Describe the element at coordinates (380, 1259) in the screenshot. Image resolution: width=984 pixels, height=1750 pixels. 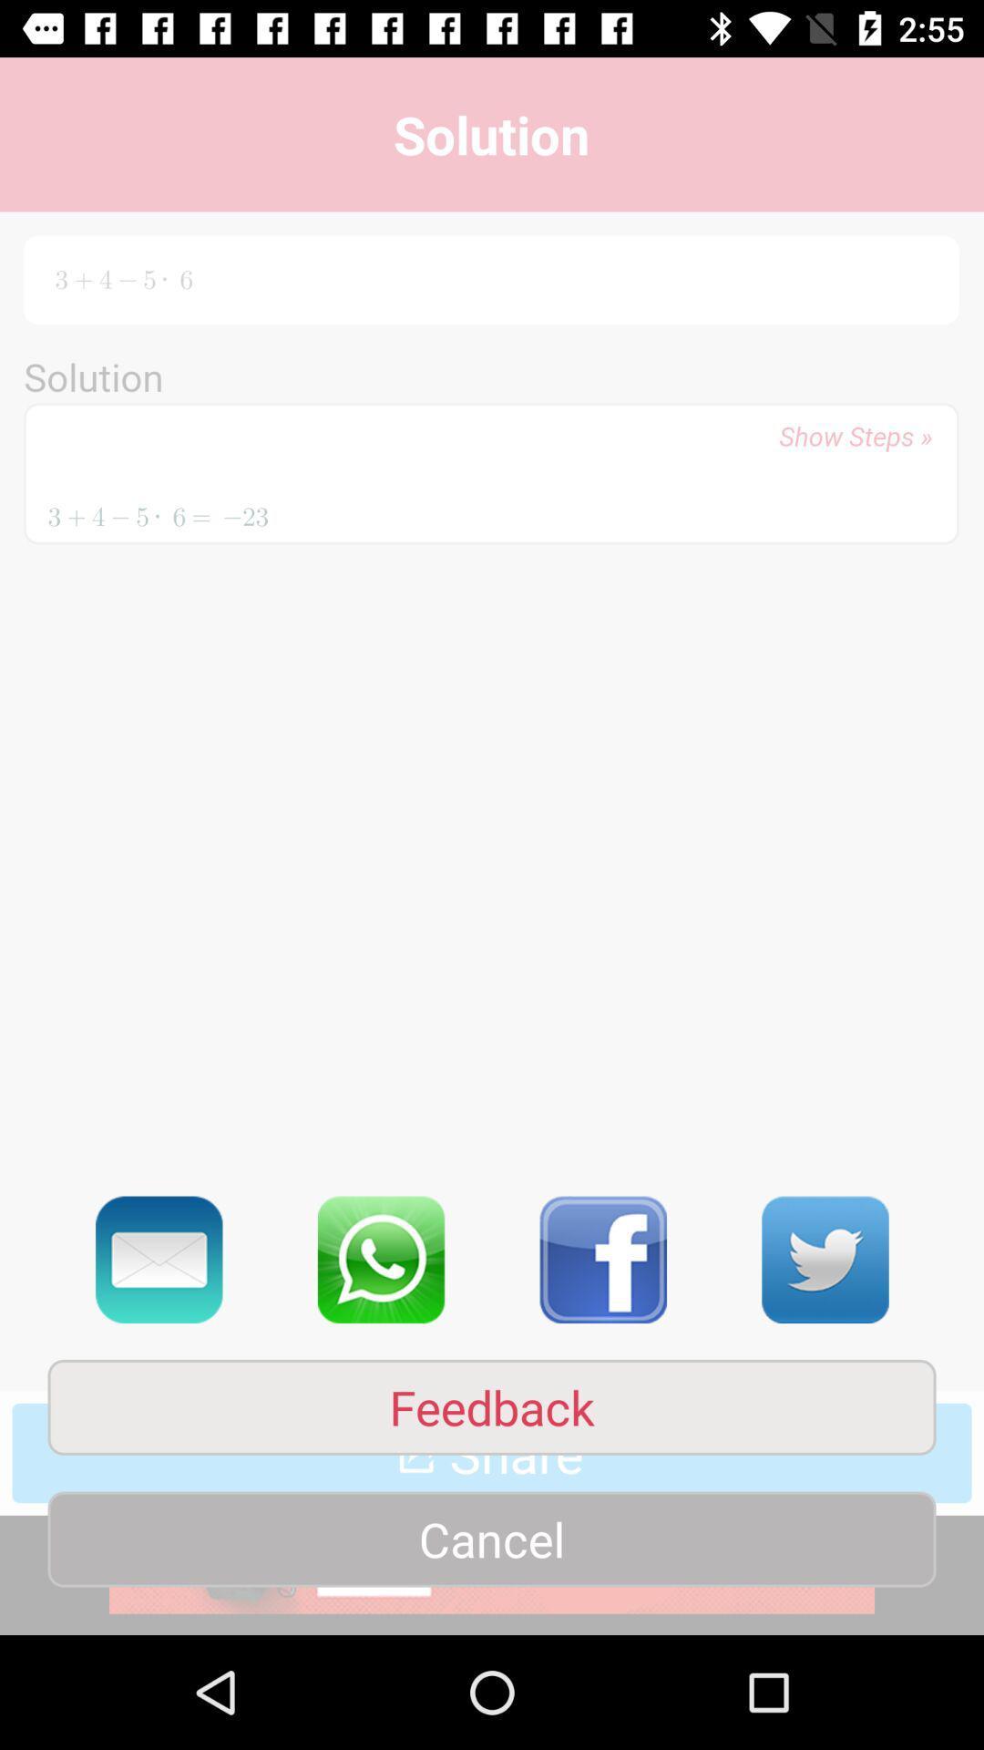
I see `the call icon` at that location.